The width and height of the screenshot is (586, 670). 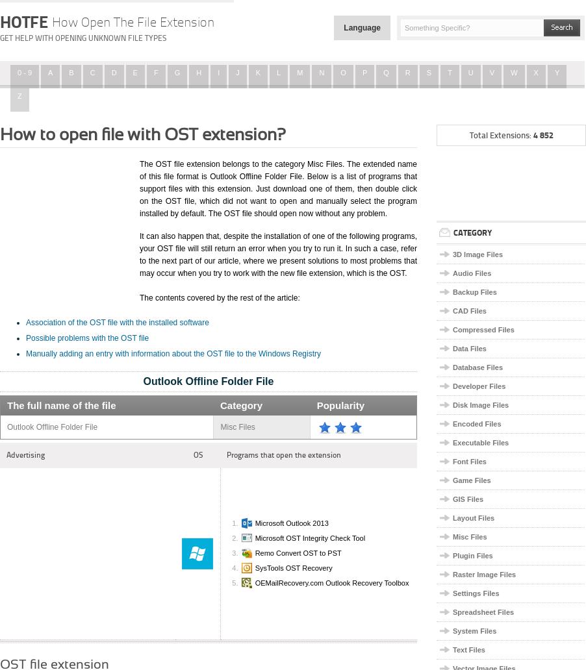 I want to click on 'V', so click(x=490, y=72).